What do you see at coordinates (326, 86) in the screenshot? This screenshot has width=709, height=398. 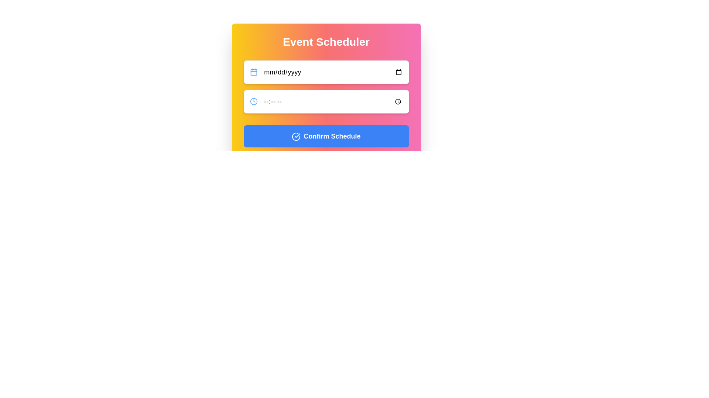 I see `a date or time using the picker tool from the input fields in the vertical group located within the 'Event Scheduler' box` at bounding box center [326, 86].